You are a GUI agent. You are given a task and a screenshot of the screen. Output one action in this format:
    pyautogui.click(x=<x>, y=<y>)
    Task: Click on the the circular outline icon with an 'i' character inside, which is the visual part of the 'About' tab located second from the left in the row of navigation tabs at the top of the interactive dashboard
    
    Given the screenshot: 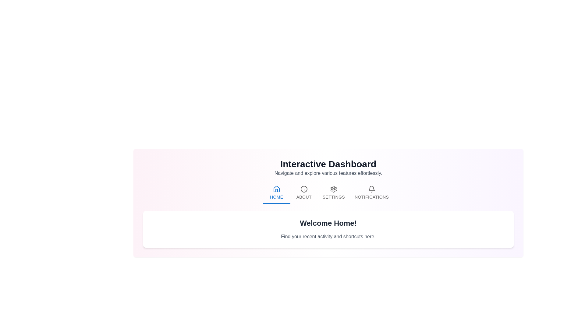 What is the action you would take?
    pyautogui.click(x=304, y=189)
    